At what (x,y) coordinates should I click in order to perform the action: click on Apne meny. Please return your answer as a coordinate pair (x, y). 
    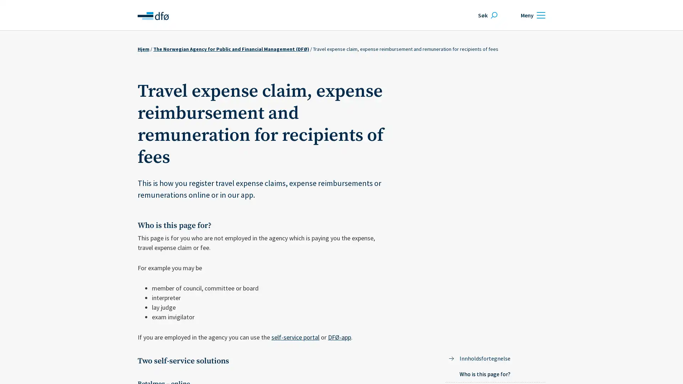
    Looking at the image, I should click on (532, 15).